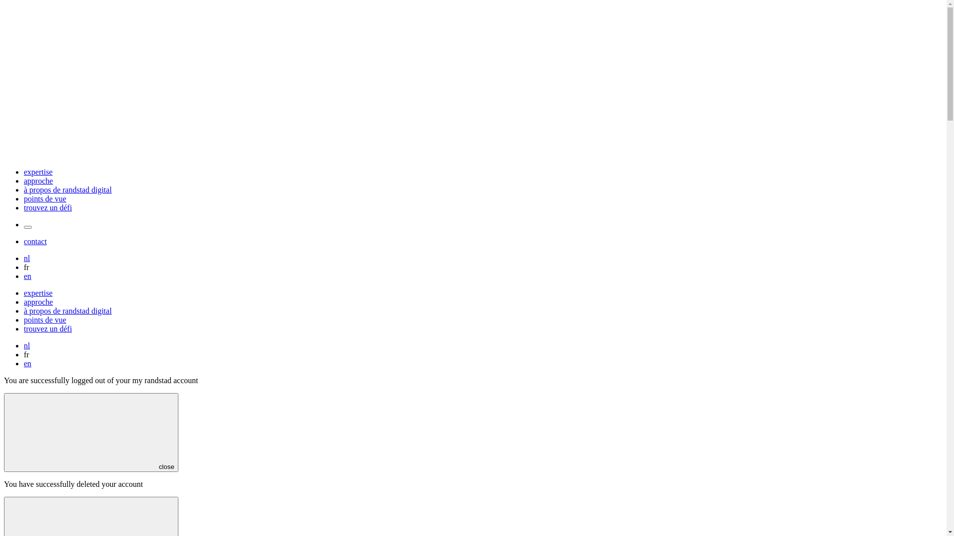 Image resolution: width=954 pixels, height=536 pixels. Describe the element at coordinates (473, 155) in the screenshot. I see `'Randstad Digital'` at that location.